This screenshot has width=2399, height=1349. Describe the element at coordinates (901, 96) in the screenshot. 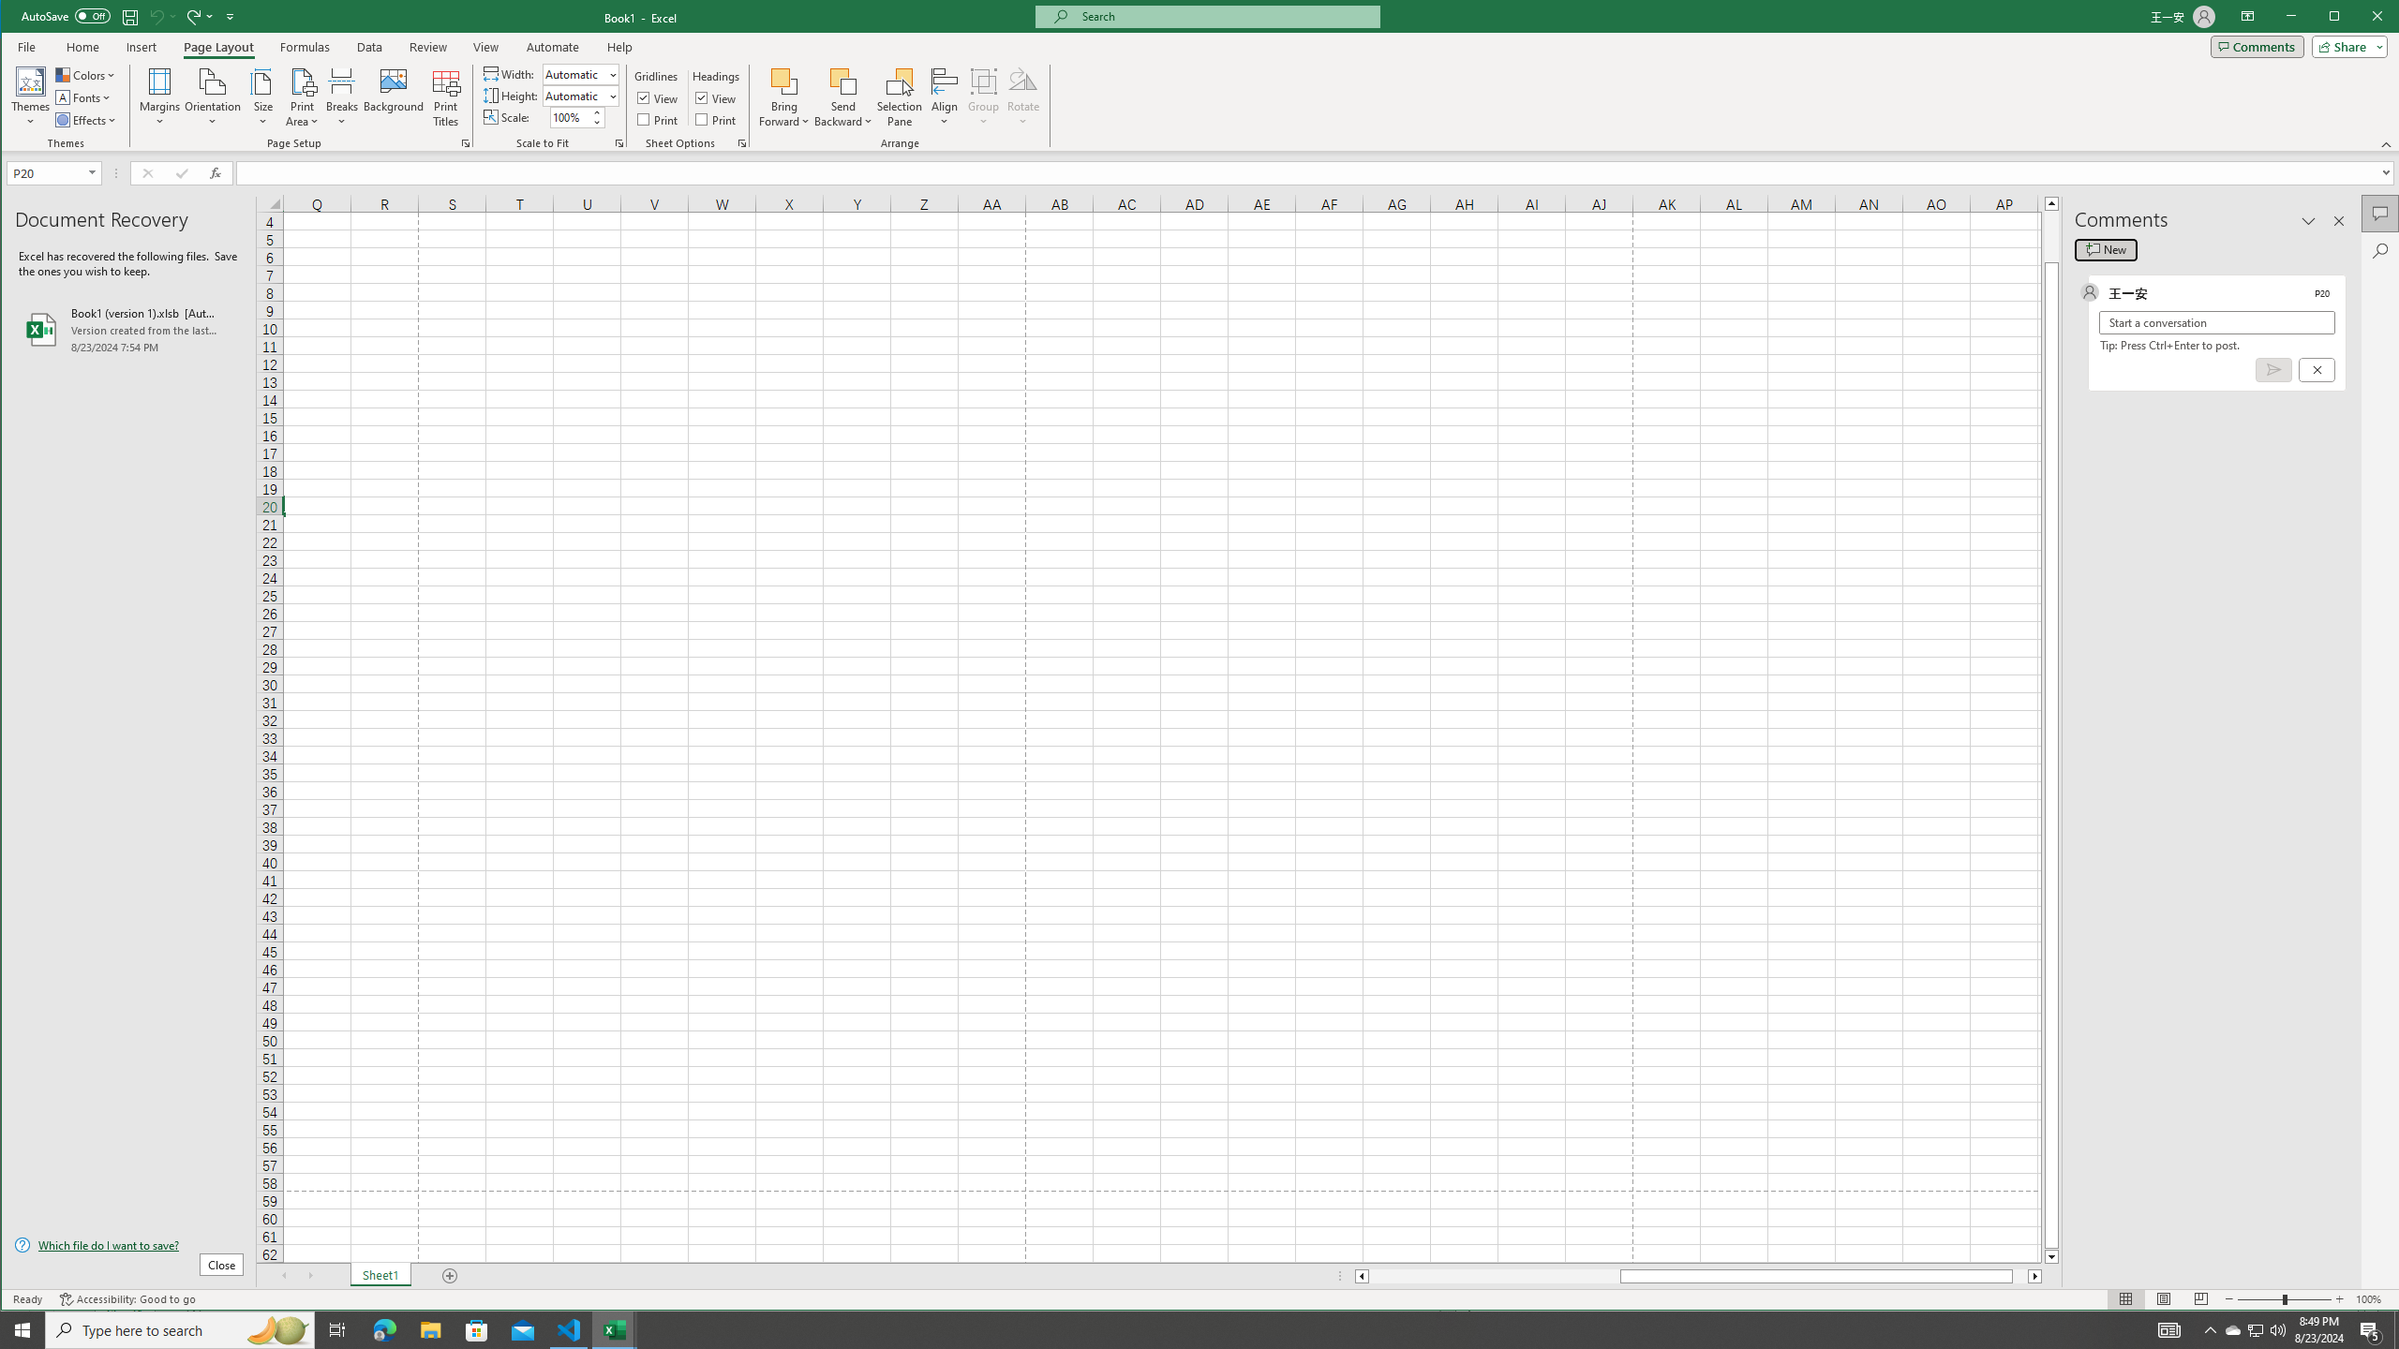

I see `'Selection Pane...'` at that location.